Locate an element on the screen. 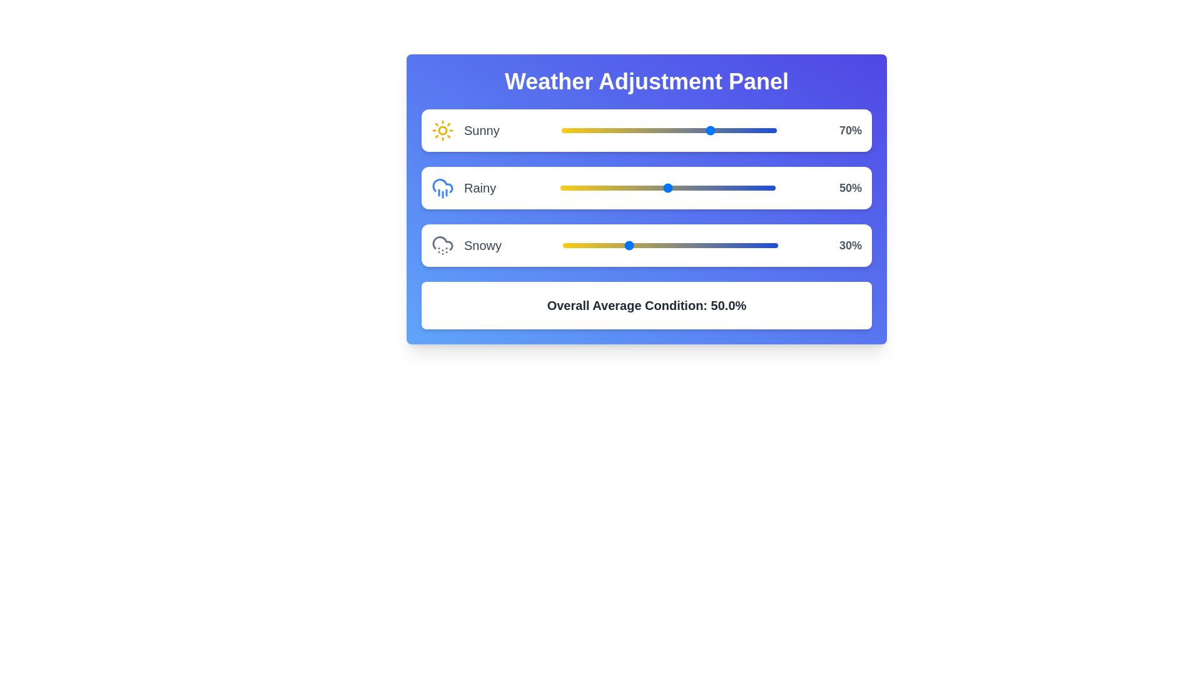 This screenshot has height=675, width=1201. the text label displaying '70%' which is styled with a bold font and gray color, located at the top-right side of the weather adjustment panel, aligned with the slider component in the same row labeled 'Sunny' is located at coordinates (850, 130).